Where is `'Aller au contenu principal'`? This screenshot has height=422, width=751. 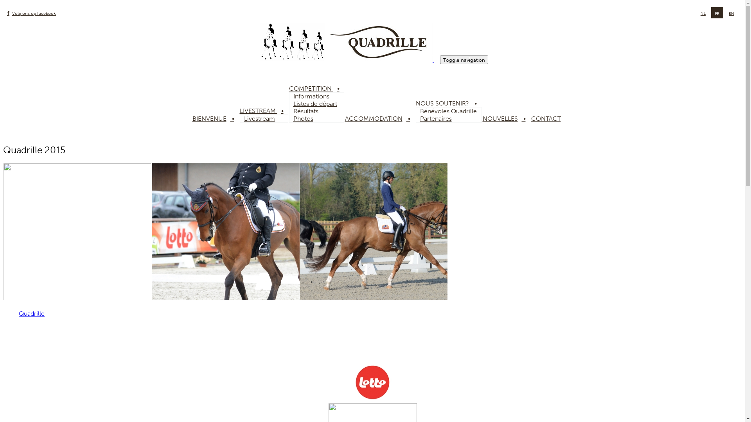
'Aller au contenu principal' is located at coordinates (3, 3).